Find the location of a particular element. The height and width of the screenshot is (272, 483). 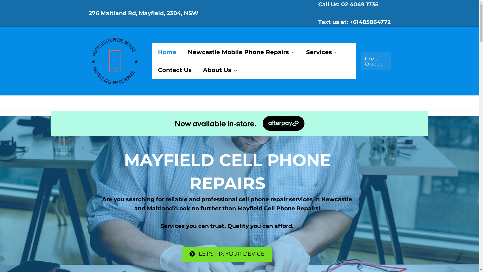

'Free Quote' is located at coordinates (361, 61).